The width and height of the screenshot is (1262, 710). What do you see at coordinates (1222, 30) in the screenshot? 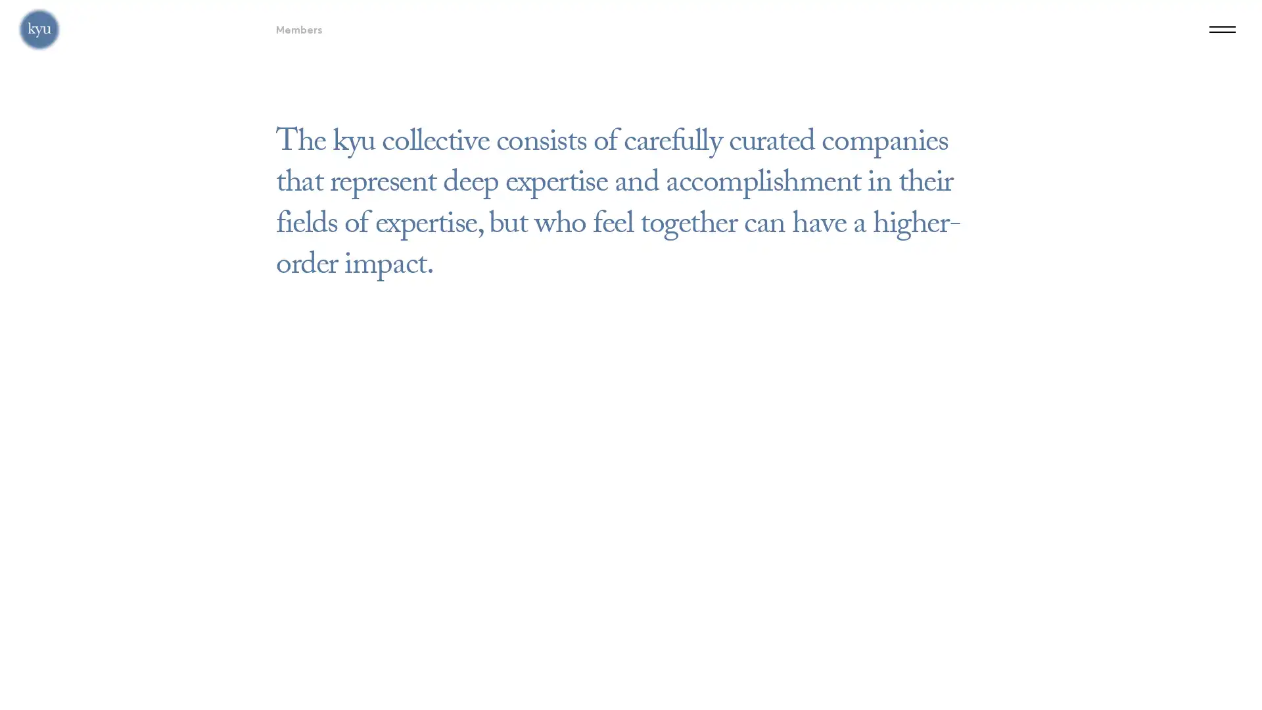
I see `Menu` at bounding box center [1222, 30].